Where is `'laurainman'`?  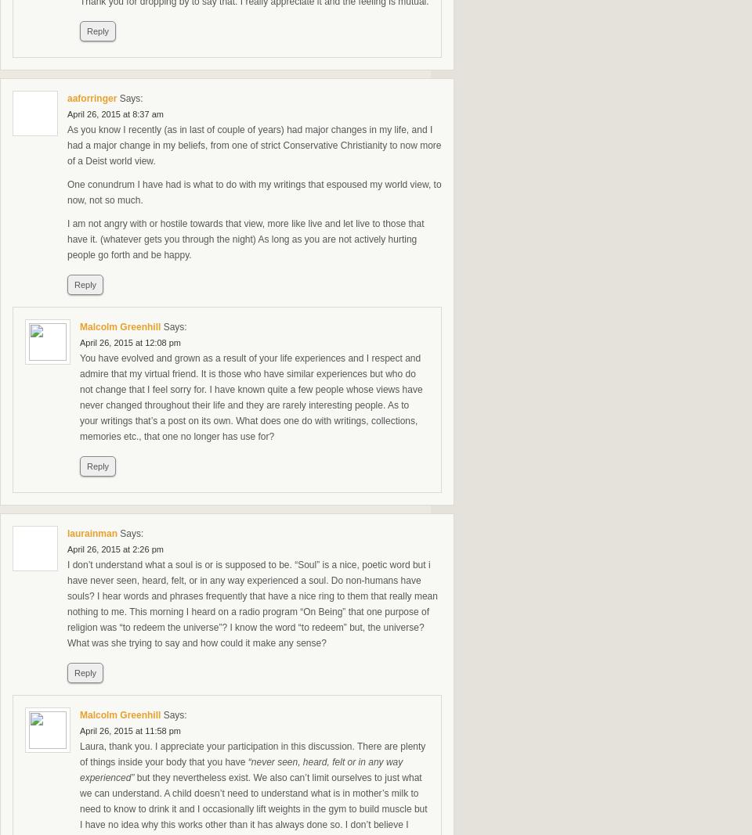 'laurainman' is located at coordinates (67, 534).